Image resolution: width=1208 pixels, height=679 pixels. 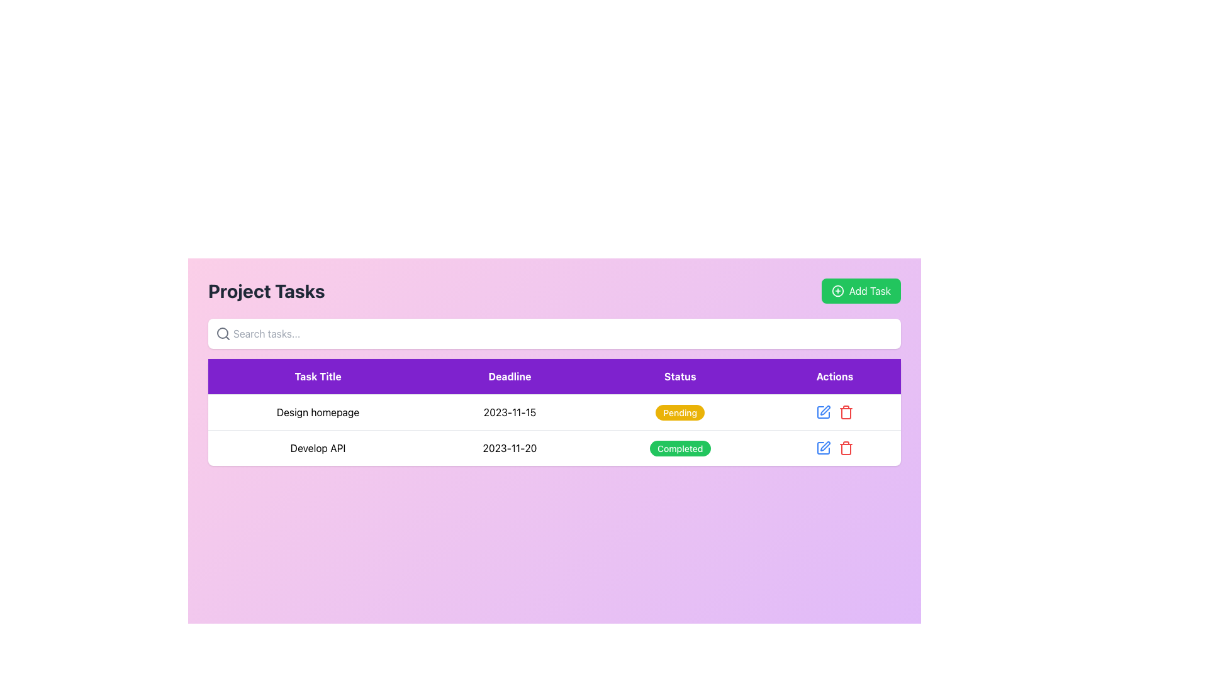 I want to click on the delete button for the 'Develop API' task located, so click(x=846, y=448).